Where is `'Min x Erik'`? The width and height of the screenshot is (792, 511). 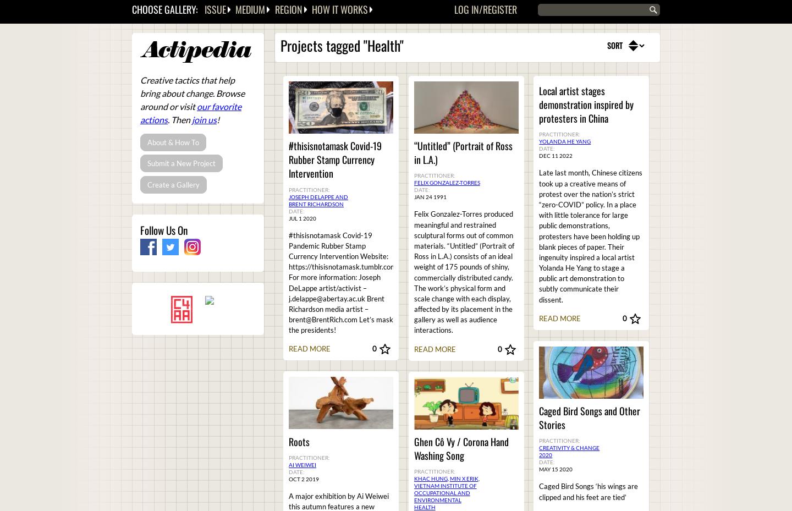 'Min x Erik' is located at coordinates (463, 479).